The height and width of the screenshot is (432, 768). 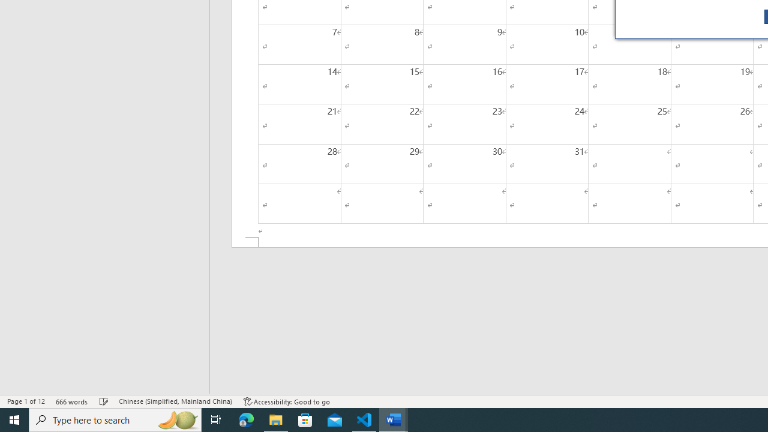 What do you see at coordinates (215, 419) in the screenshot?
I see `'Task View'` at bounding box center [215, 419].